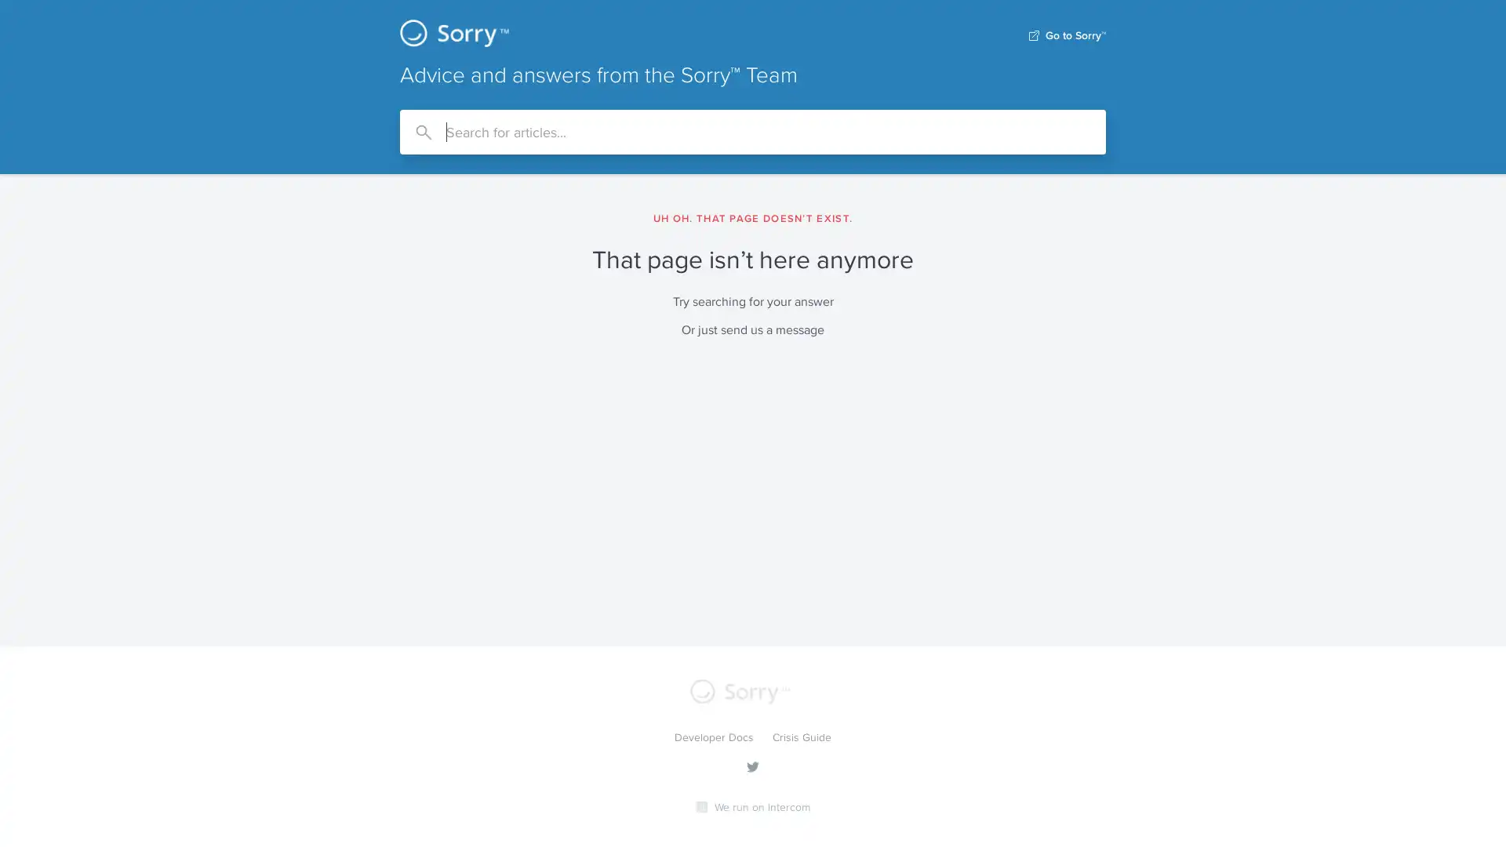  Describe the element at coordinates (1466, 807) in the screenshot. I see `Open Intercom Messenger` at that location.